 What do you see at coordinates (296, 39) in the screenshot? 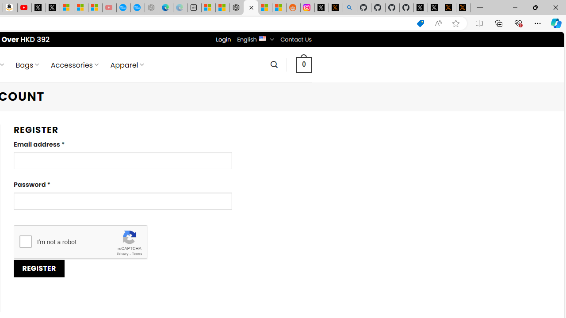
I see `'Contact Us'` at bounding box center [296, 39].